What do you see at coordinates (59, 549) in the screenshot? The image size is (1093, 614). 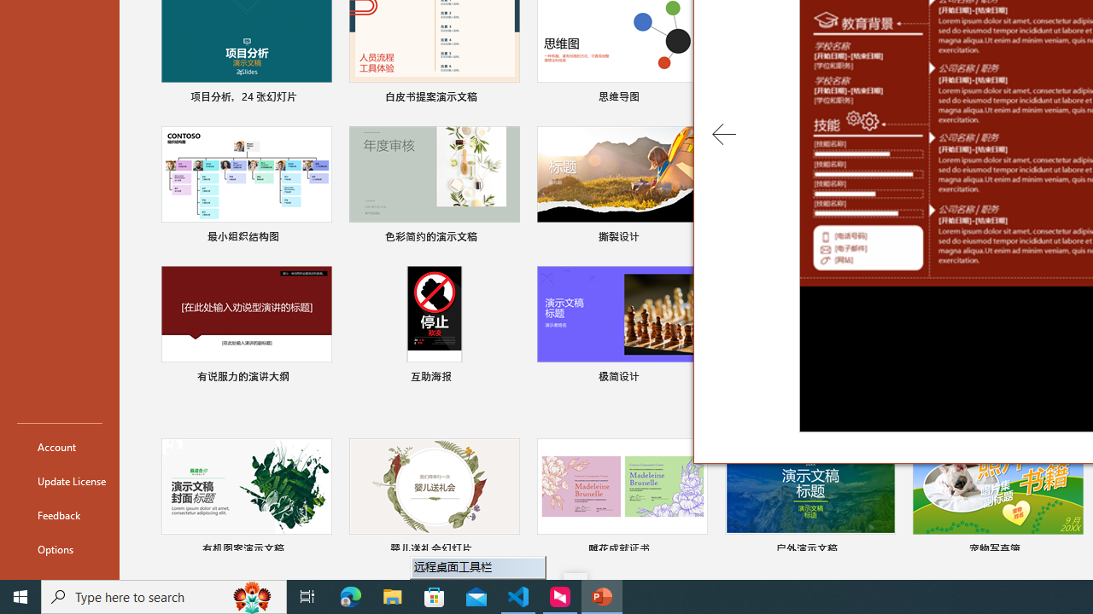 I see `'Options'` at bounding box center [59, 549].